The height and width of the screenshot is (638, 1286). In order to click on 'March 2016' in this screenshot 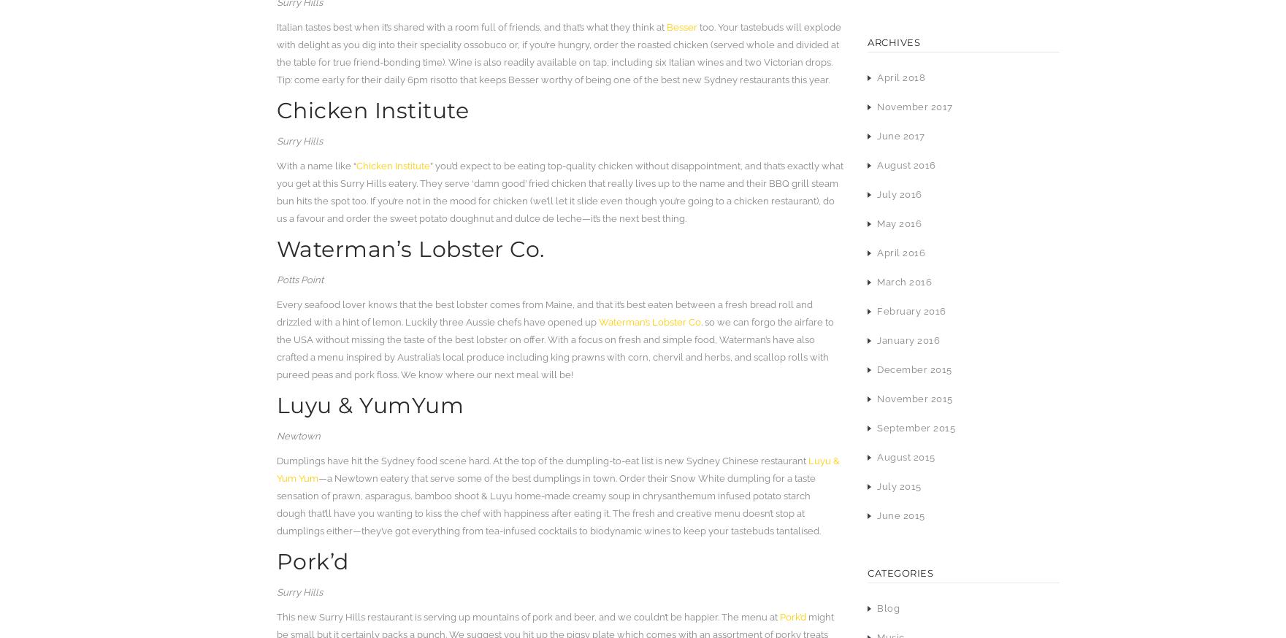, I will do `click(904, 282)`.